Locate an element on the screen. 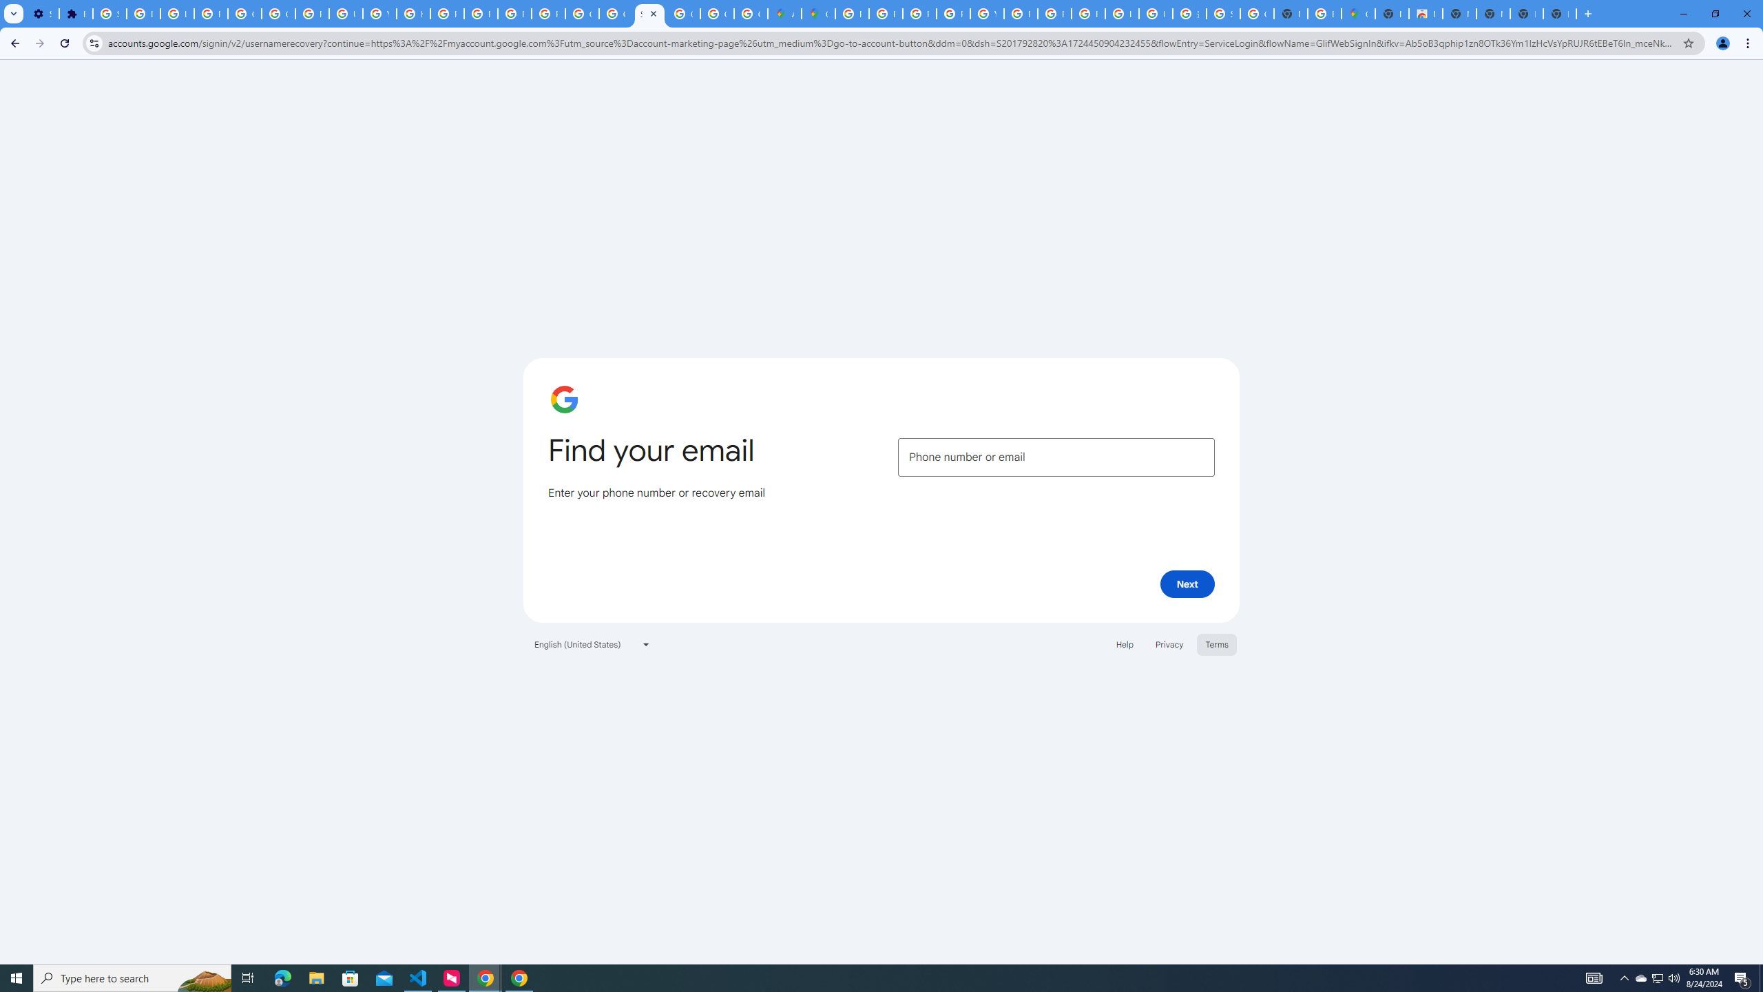 The image size is (1763, 992). 'Terms' is located at coordinates (1216, 643).